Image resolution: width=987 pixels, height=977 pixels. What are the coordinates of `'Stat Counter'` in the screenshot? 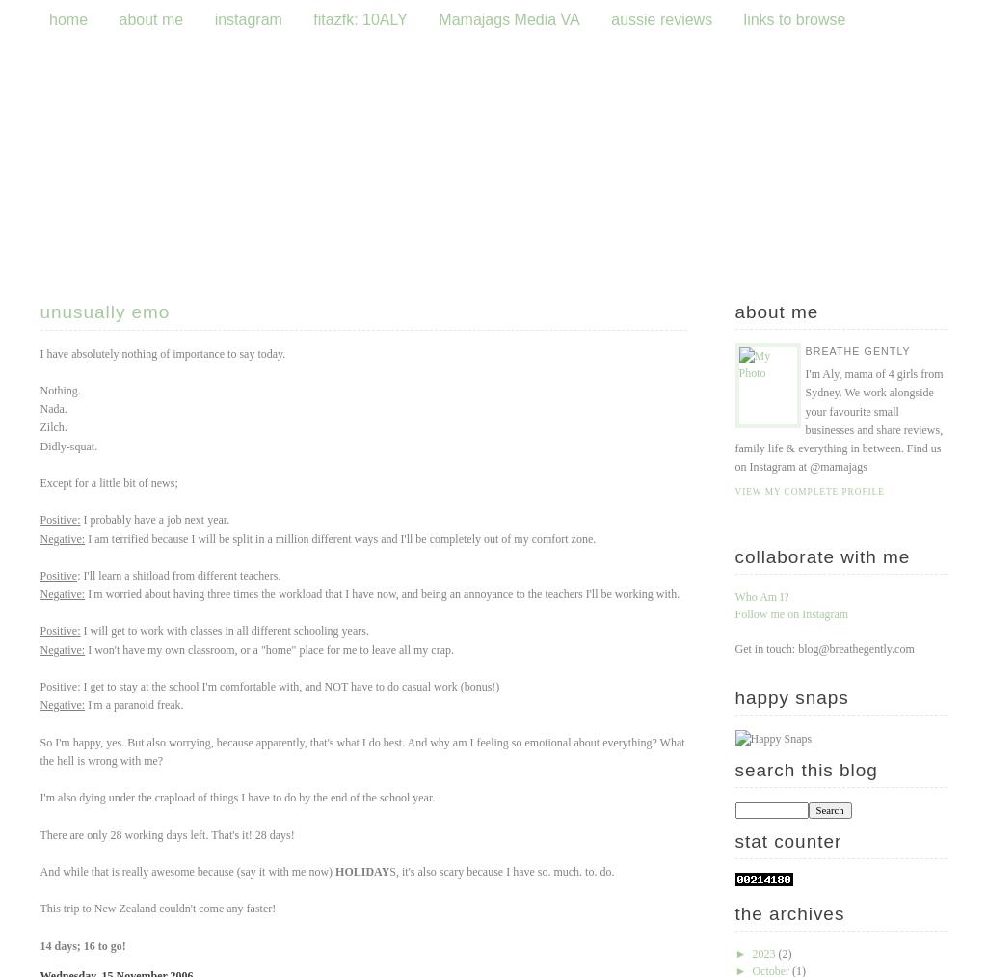 It's located at (787, 839).